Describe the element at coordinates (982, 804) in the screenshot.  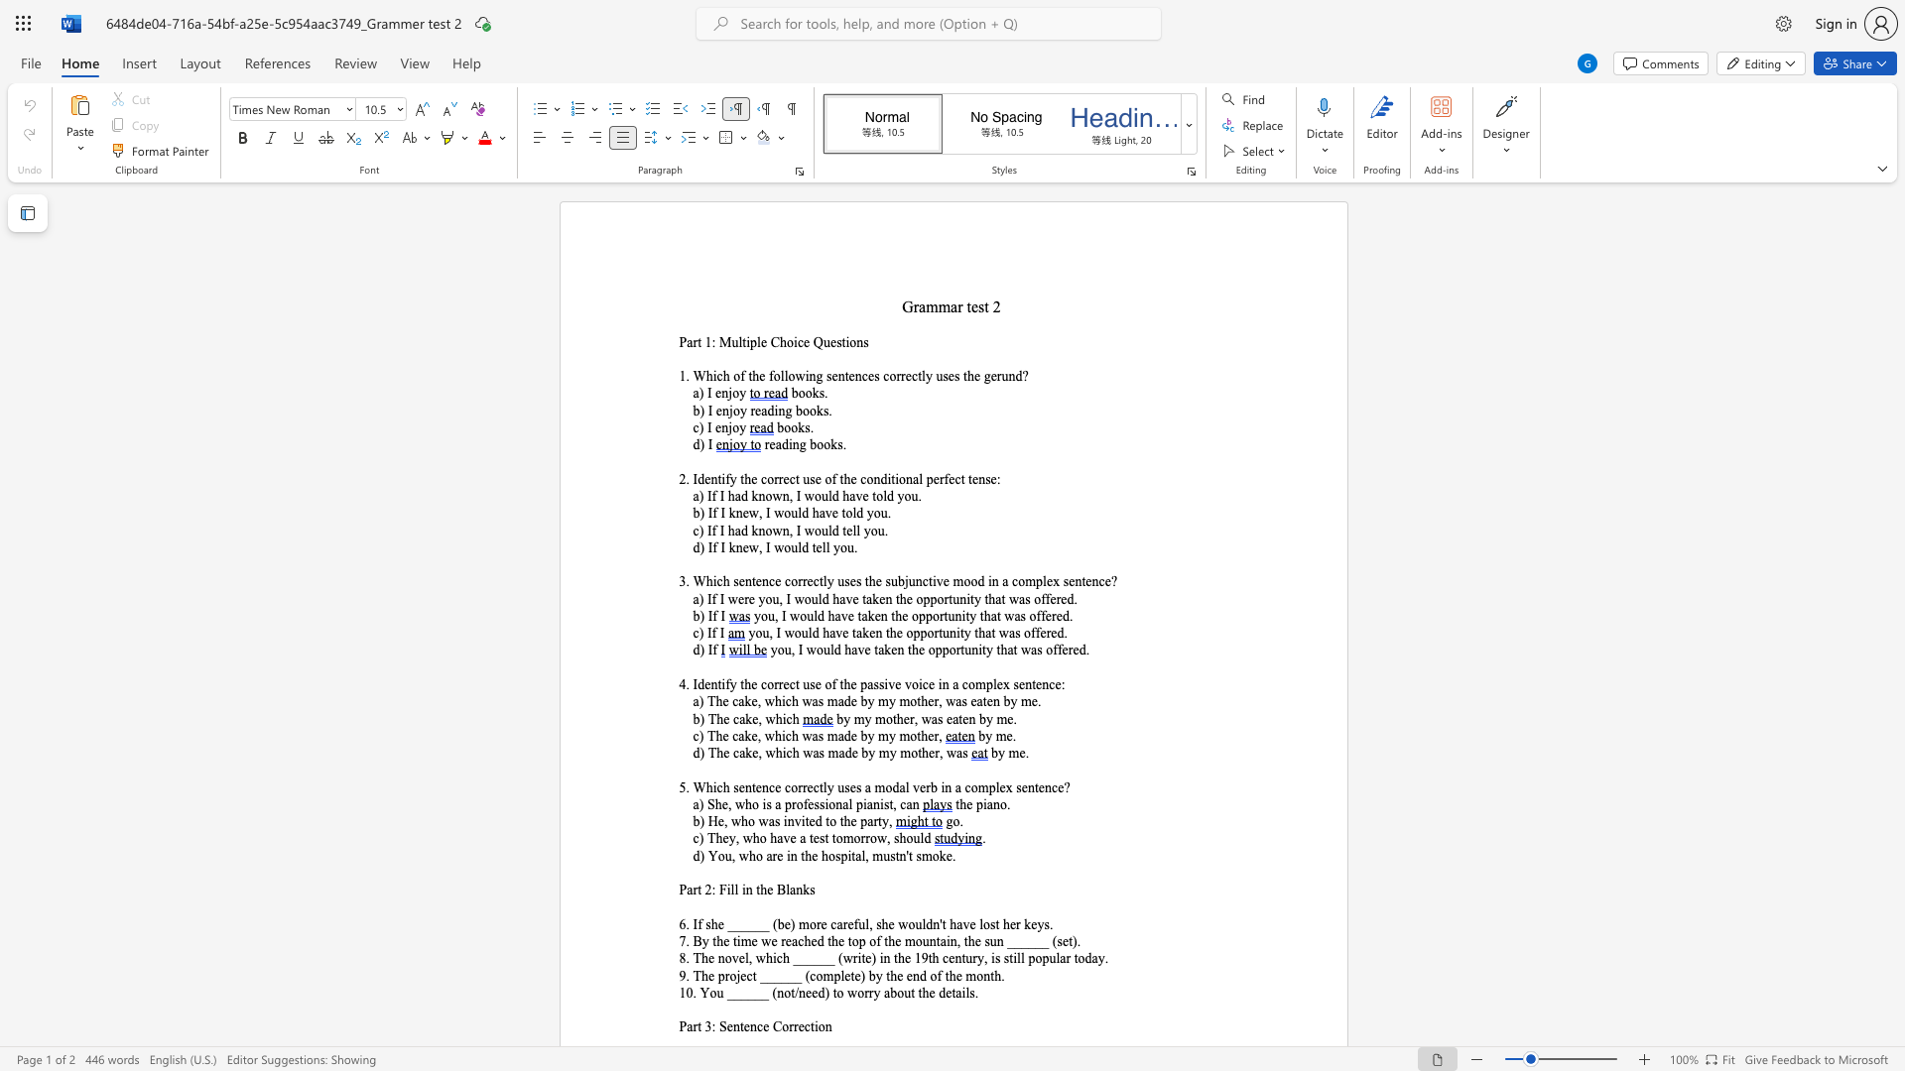
I see `the space between the continuous character "p" and "i" in the text` at that location.